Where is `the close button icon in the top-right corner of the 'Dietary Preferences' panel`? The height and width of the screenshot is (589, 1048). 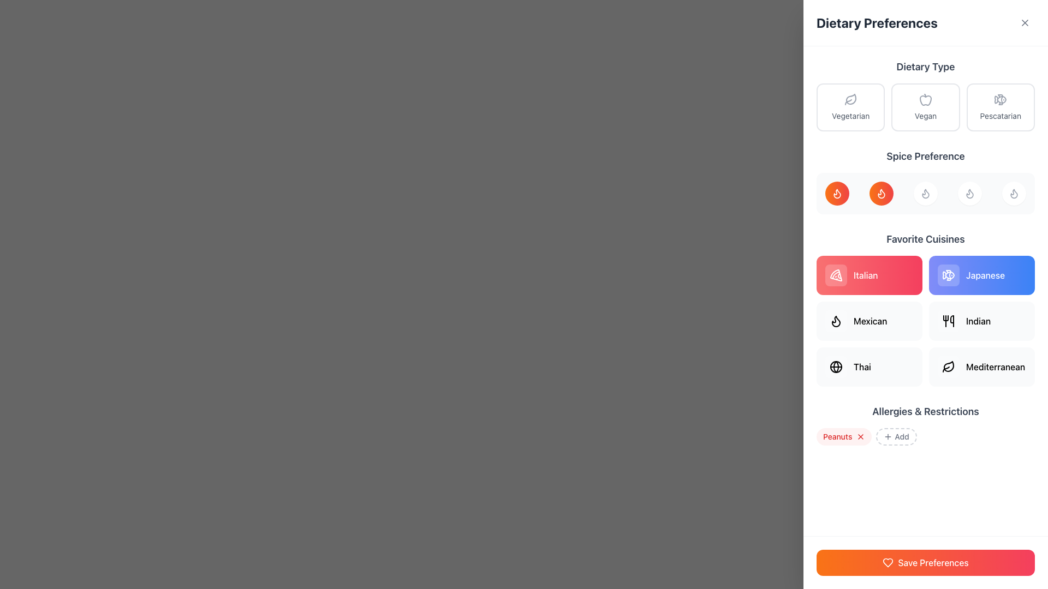 the close button icon in the top-right corner of the 'Dietary Preferences' panel is located at coordinates (1024, 23).